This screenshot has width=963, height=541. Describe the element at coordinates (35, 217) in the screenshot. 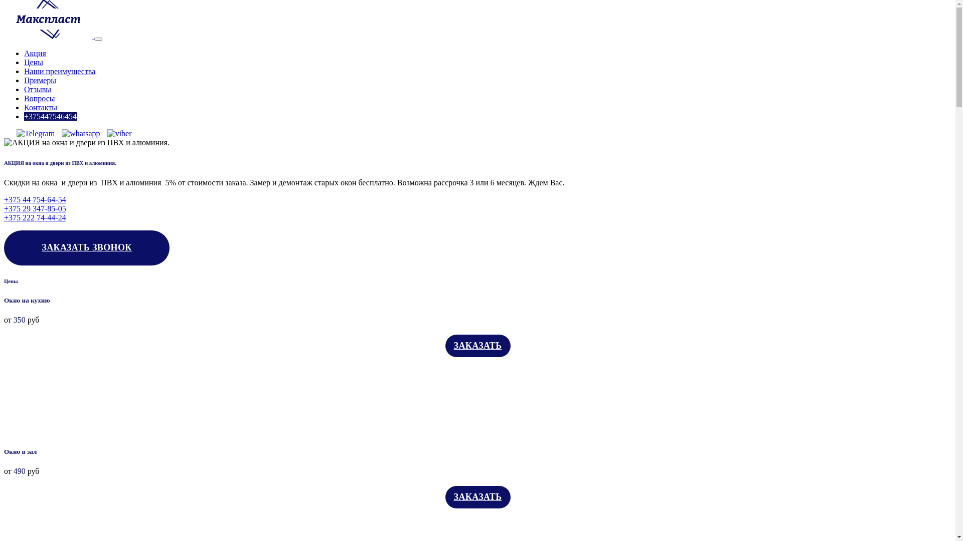

I see `'+375 222 74-44-24'` at that location.